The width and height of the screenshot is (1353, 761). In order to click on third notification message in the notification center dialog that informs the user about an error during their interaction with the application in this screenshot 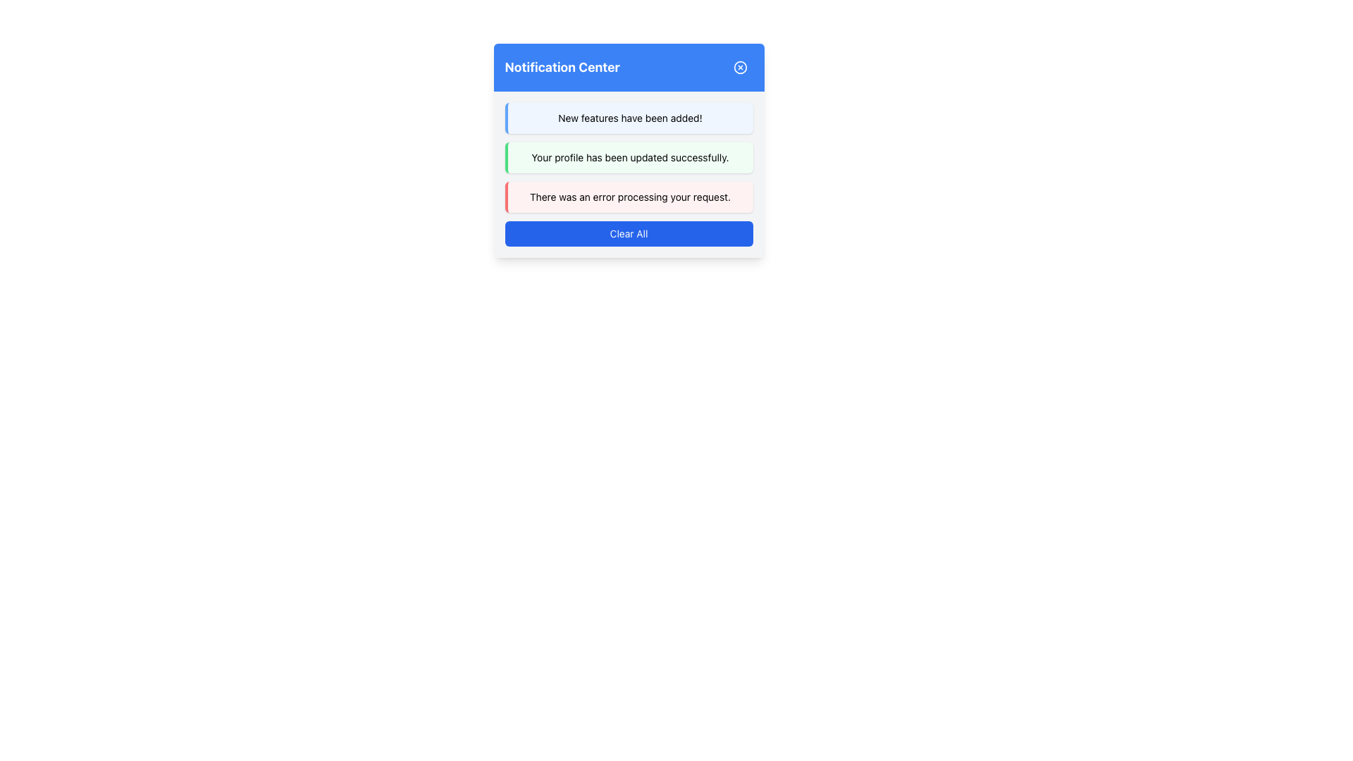, I will do `click(628, 197)`.